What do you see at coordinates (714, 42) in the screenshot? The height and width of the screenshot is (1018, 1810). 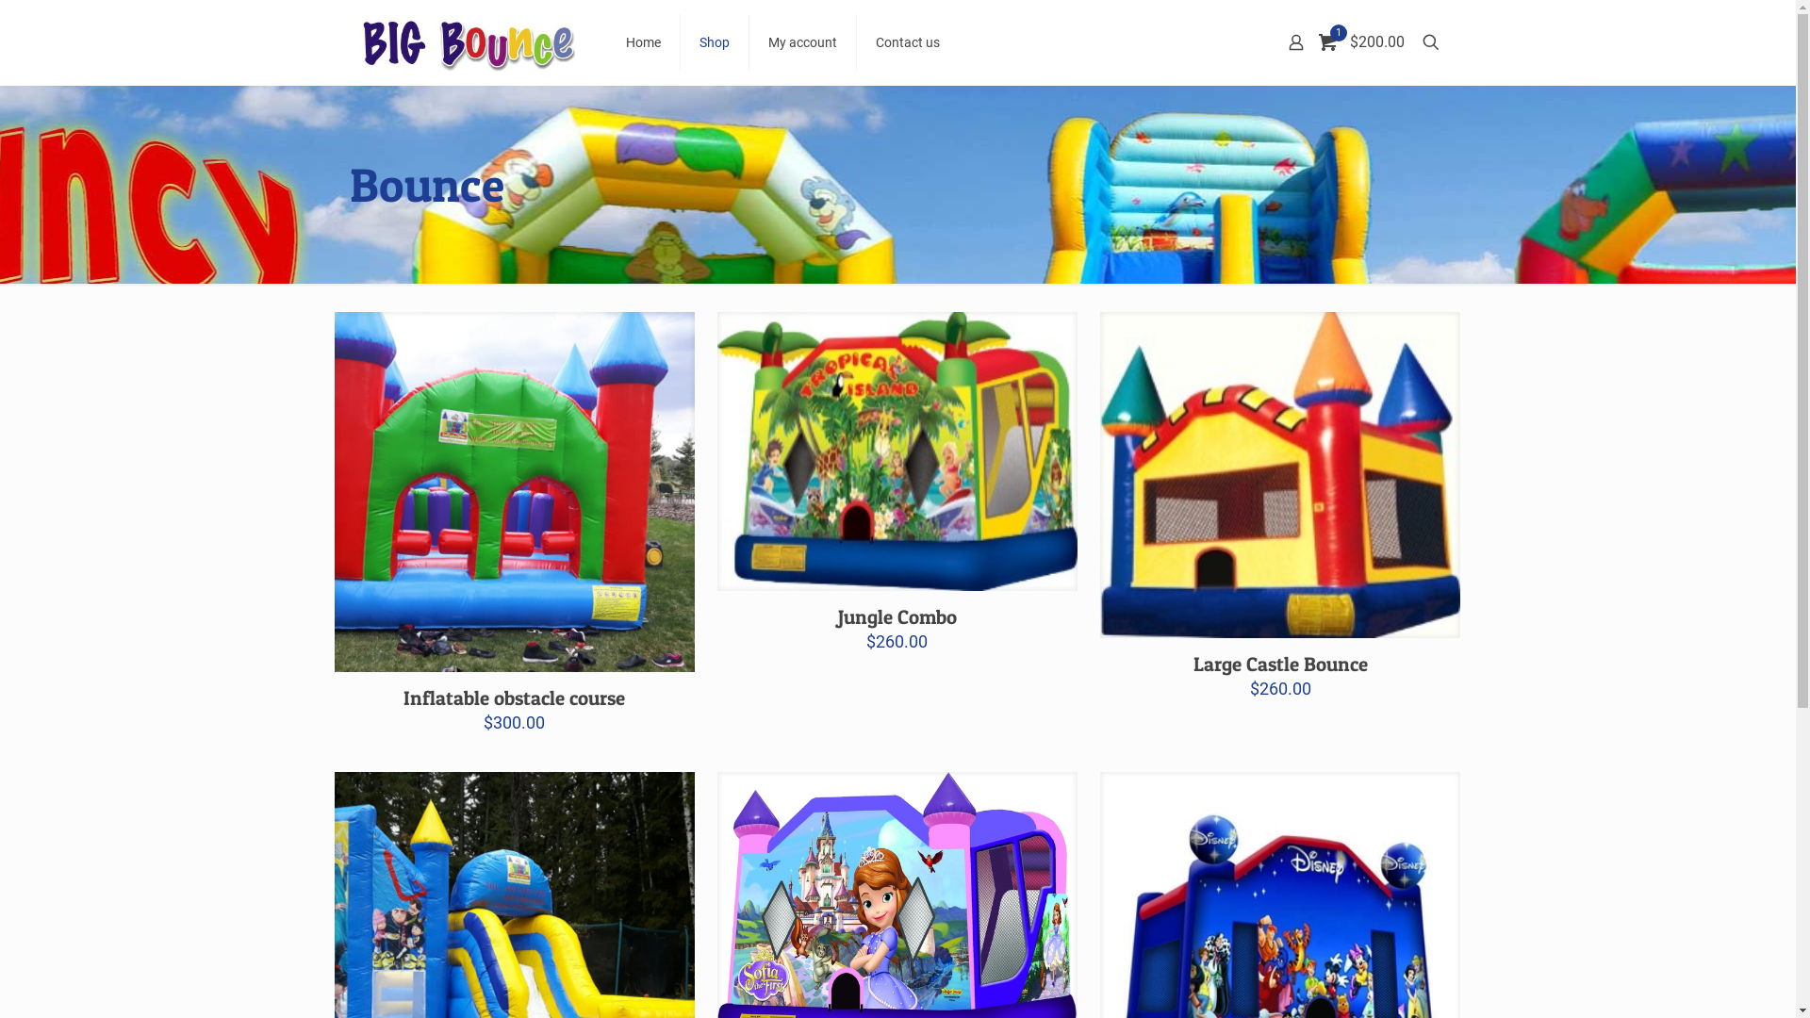 I see `'Shop'` at bounding box center [714, 42].